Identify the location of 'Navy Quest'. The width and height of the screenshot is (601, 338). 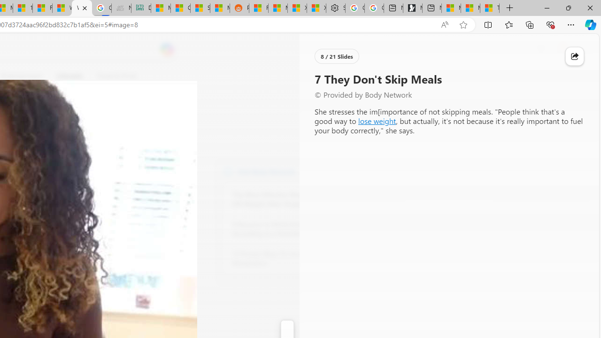
(121, 8).